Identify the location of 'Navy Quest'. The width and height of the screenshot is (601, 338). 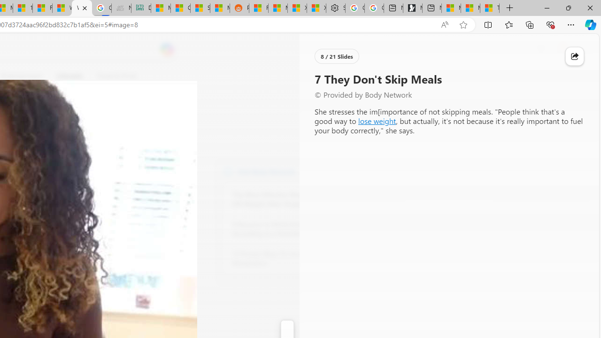
(121, 8).